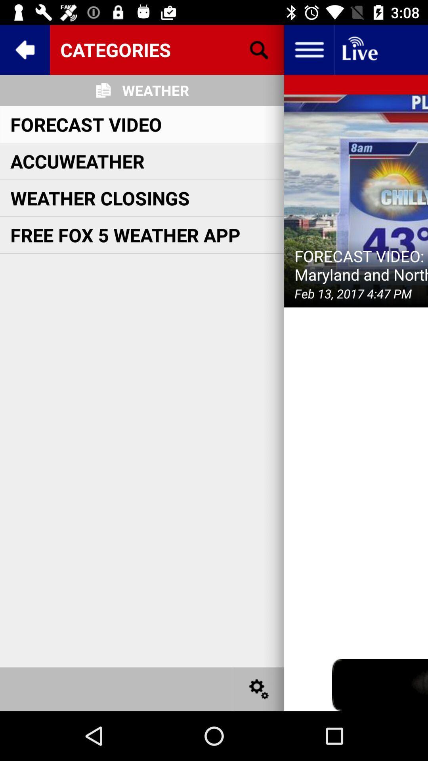 The image size is (428, 761). I want to click on forecast video item, so click(86, 124).